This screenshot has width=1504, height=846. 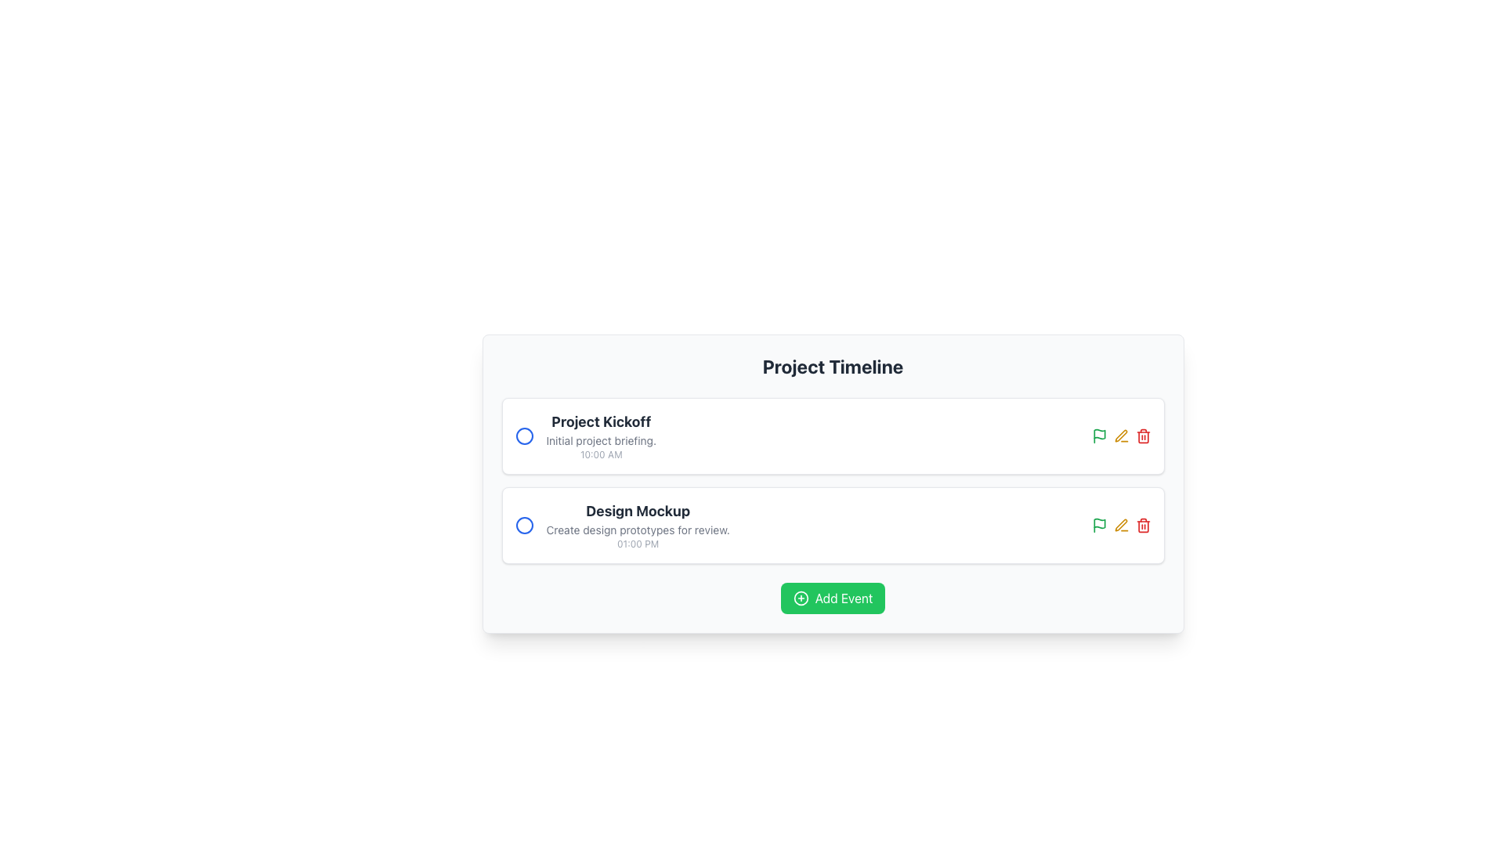 I want to click on the green flag icon located at the top-right area of the event details card, so click(x=1098, y=526).